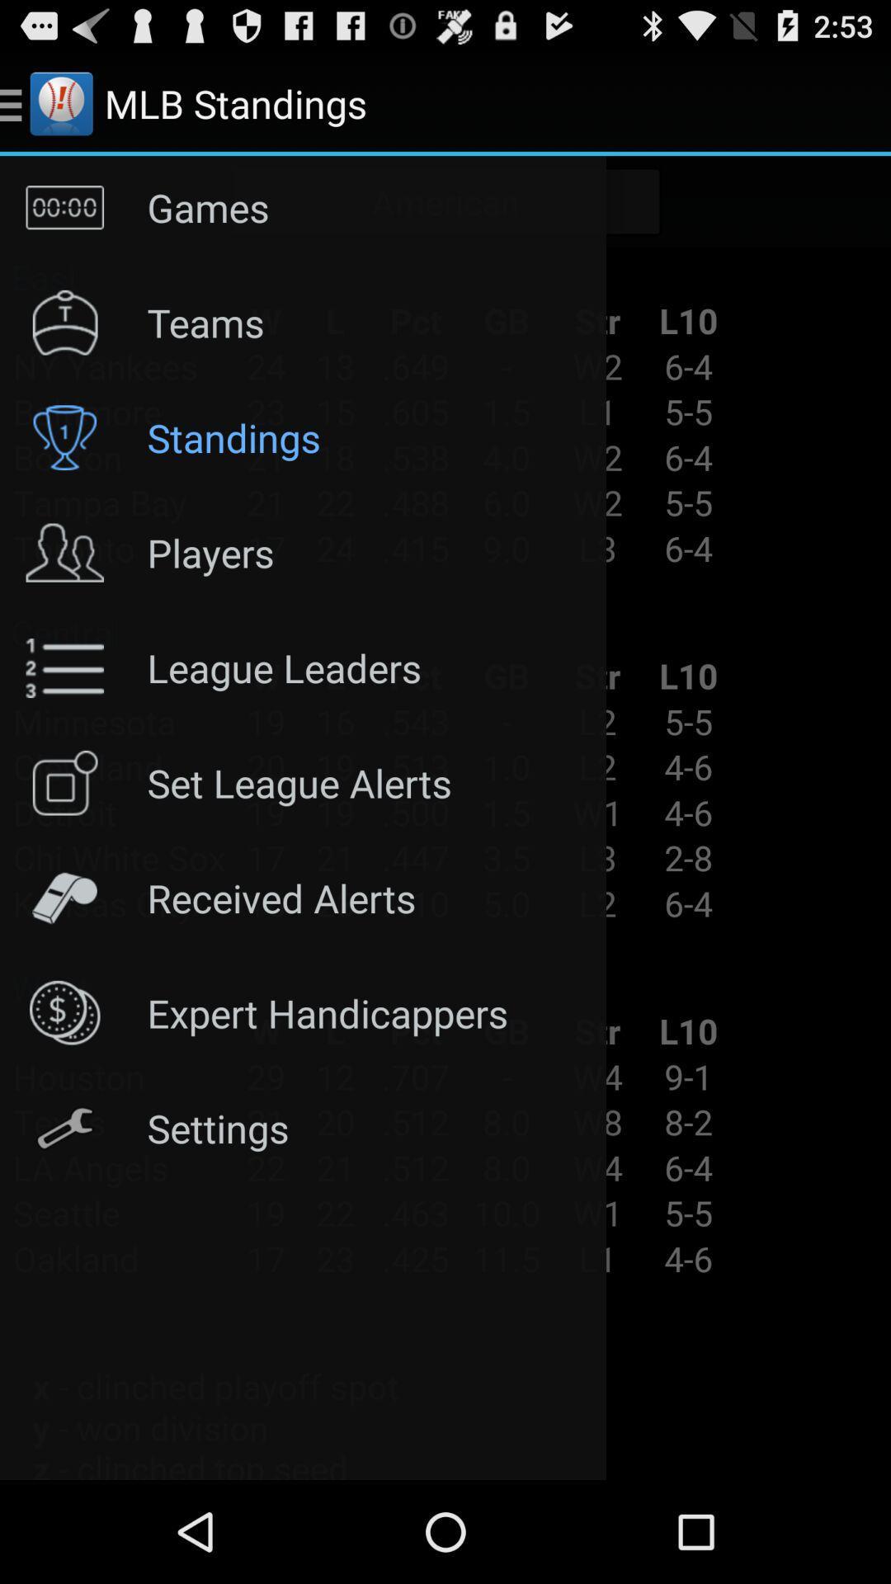 The height and width of the screenshot is (1584, 891). Describe the element at coordinates (64, 897) in the screenshot. I see `icon beside received alerts` at that location.